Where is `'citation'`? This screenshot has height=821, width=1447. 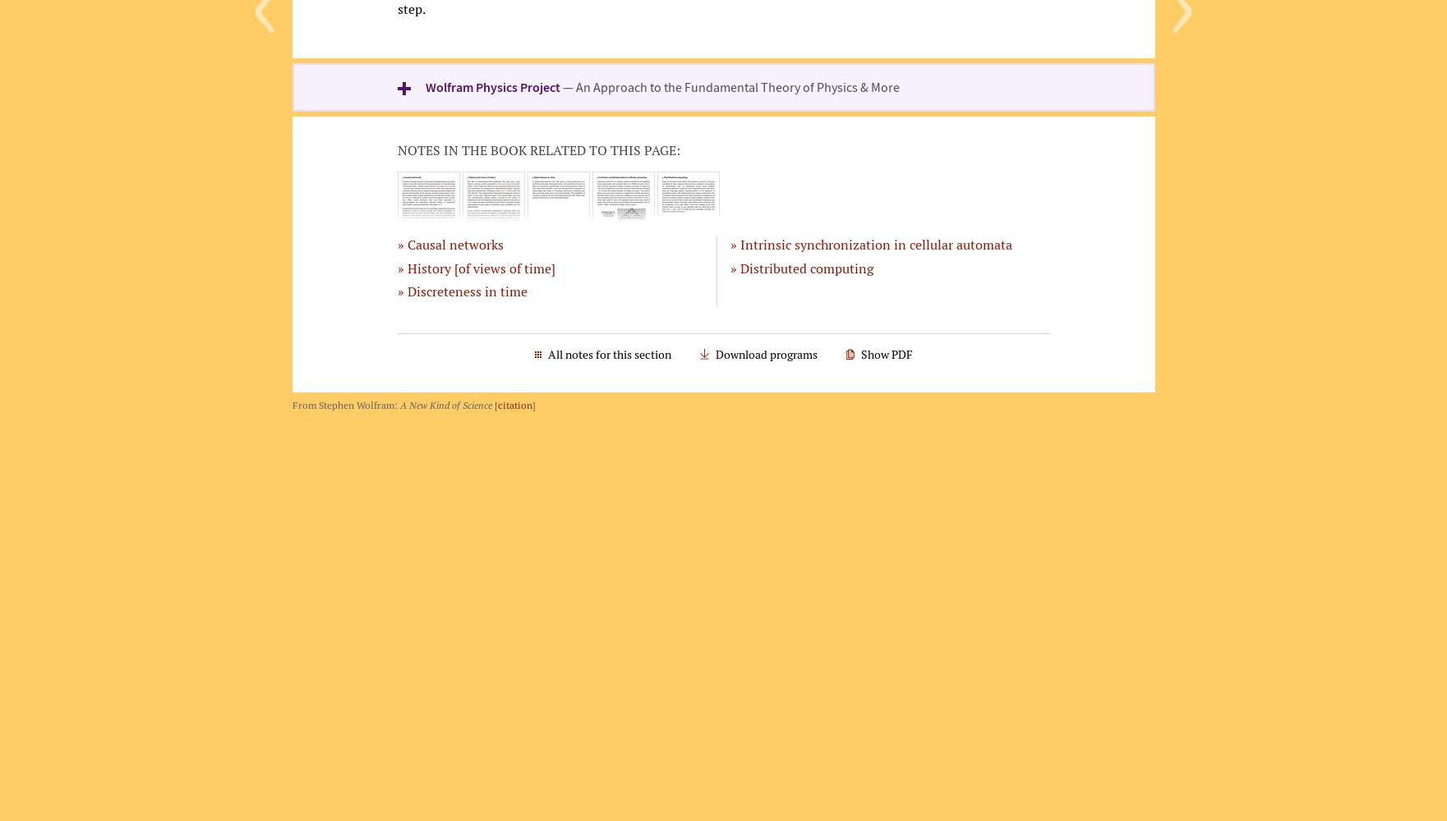
'citation' is located at coordinates (497, 403).